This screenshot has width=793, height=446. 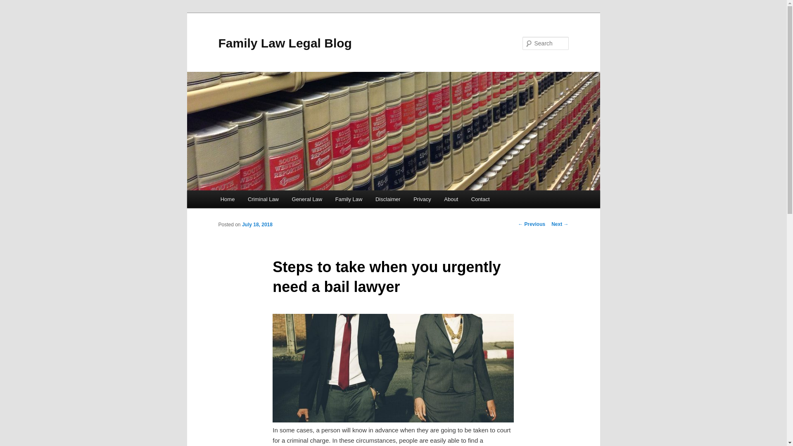 I want to click on 'Search', so click(x=13, y=5).